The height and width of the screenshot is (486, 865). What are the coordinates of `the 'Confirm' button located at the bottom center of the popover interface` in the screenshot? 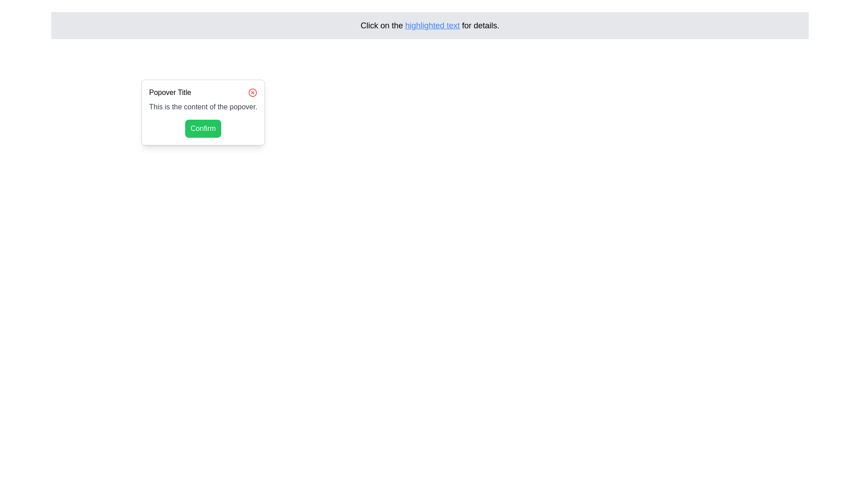 It's located at (203, 128).